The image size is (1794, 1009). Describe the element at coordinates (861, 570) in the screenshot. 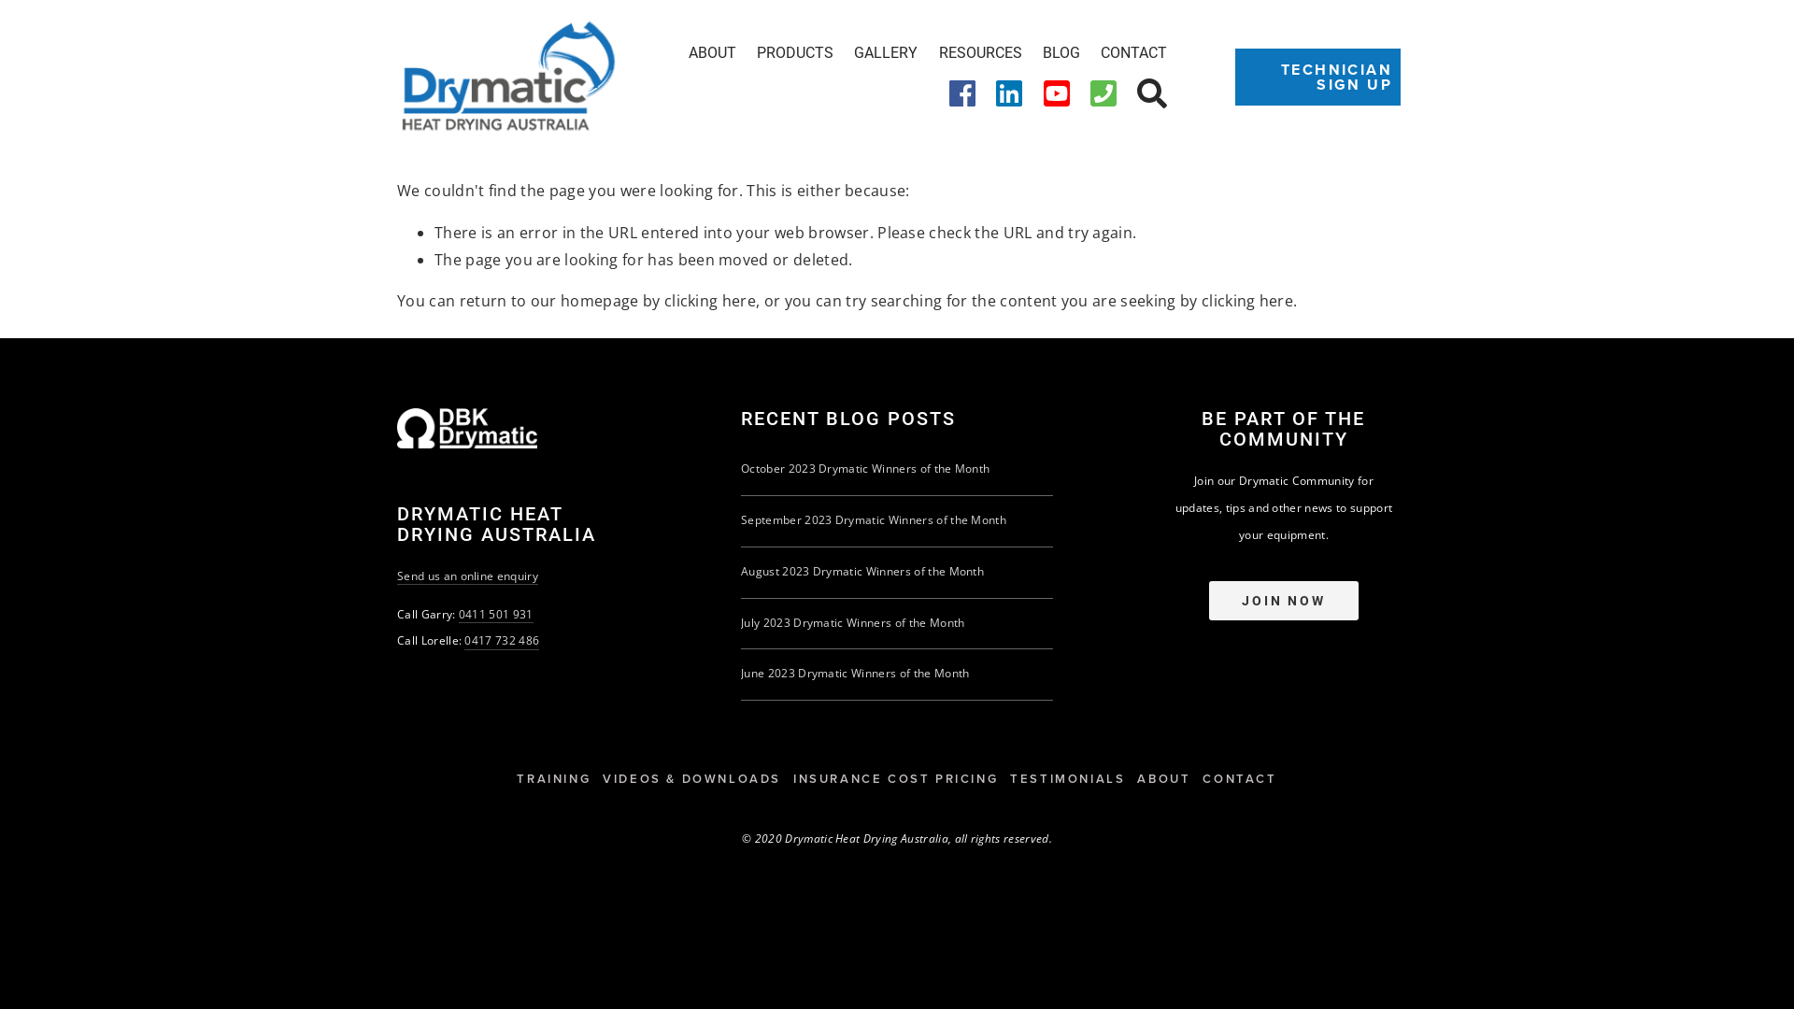

I see `'August 2023 Drymatic Winners of the Month'` at that location.